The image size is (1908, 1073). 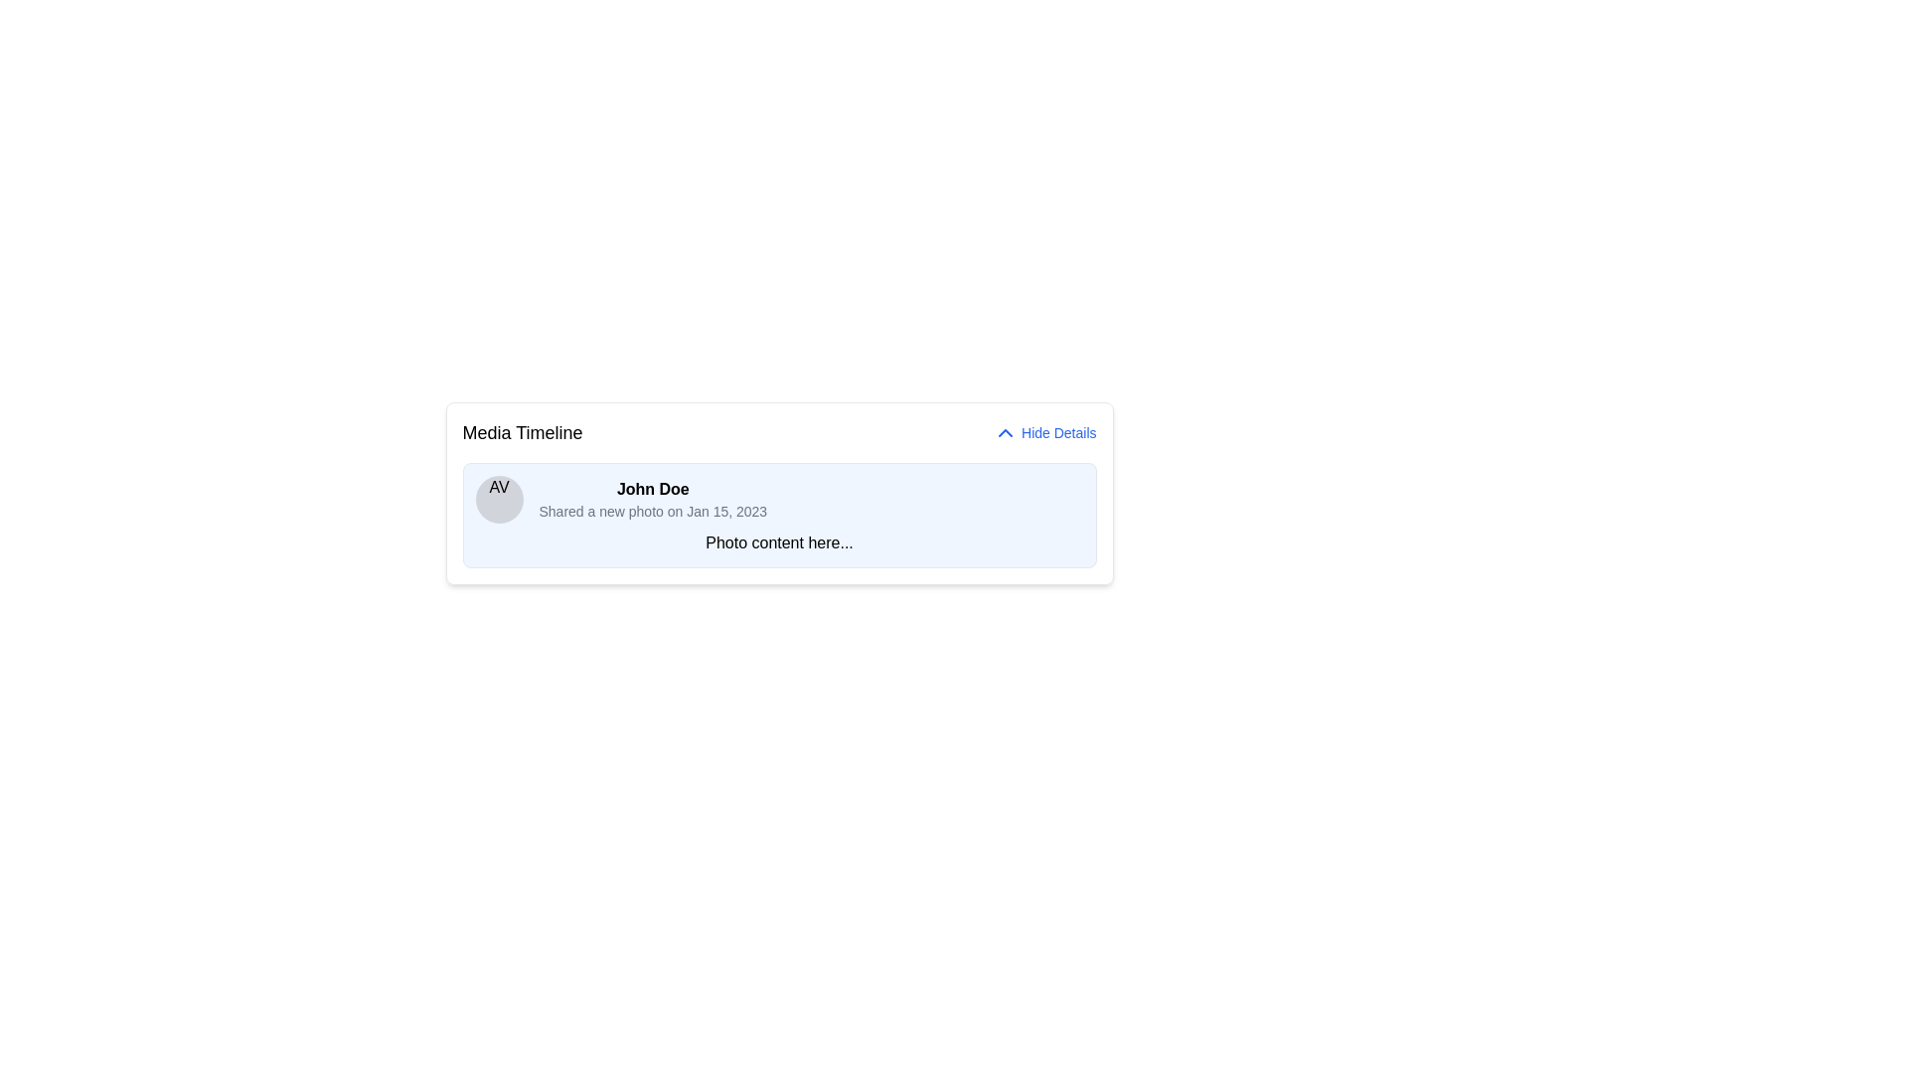 I want to click on User Activity Summary for the user named 'John Doe', which indicates that he shared a photo on a specific date, located at the center of the bounding box with a blue background and rounded corners, so click(x=778, y=498).